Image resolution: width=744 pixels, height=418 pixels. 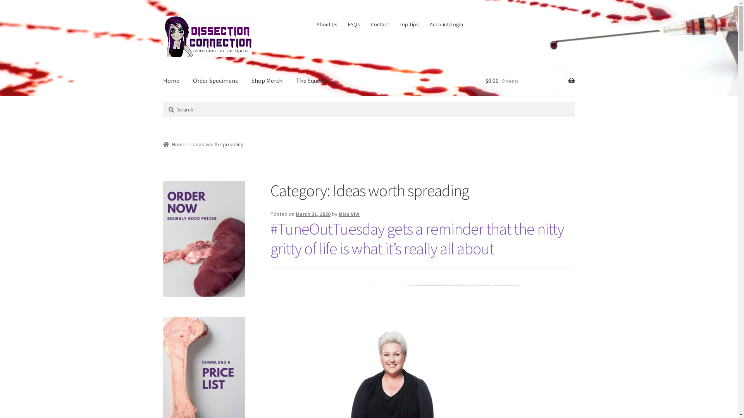 What do you see at coordinates (289, 81) in the screenshot?
I see `'The Squeal'` at bounding box center [289, 81].